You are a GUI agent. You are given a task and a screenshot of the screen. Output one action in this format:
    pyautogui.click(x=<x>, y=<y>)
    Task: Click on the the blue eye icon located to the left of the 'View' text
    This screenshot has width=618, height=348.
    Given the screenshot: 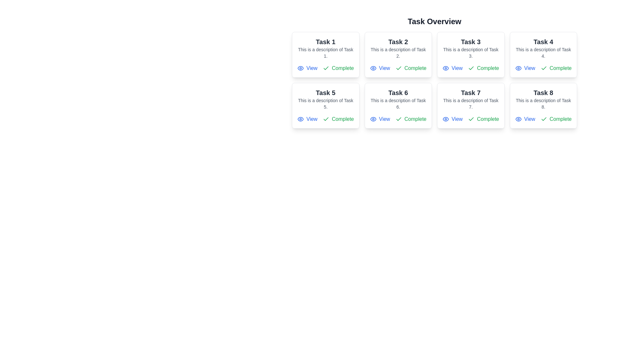 What is the action you would take?
    pyautogui.click(x=373, y=119)
    